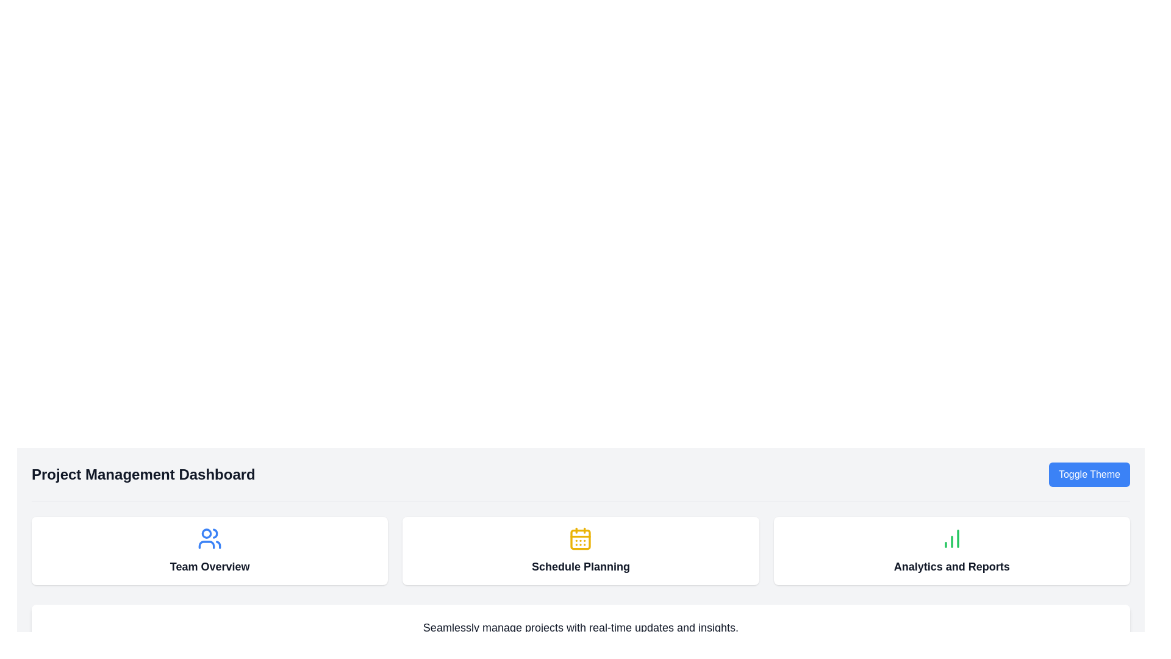 This screenshot has width=1171, height=659. What do you see at coordinates (580, 550) in the screenshot?
I see `the second card in the horizontal row of three cards` at bounding box center [580, 550].